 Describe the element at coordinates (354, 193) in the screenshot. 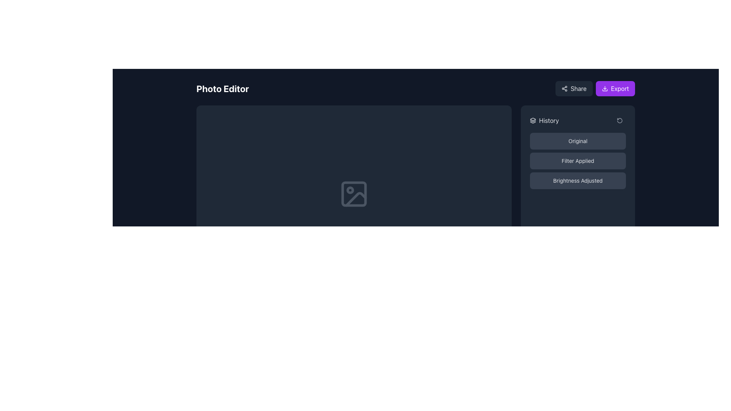

I see `the icon representing an image within the 'Change Image' box in the photo editor application interface` at that location.